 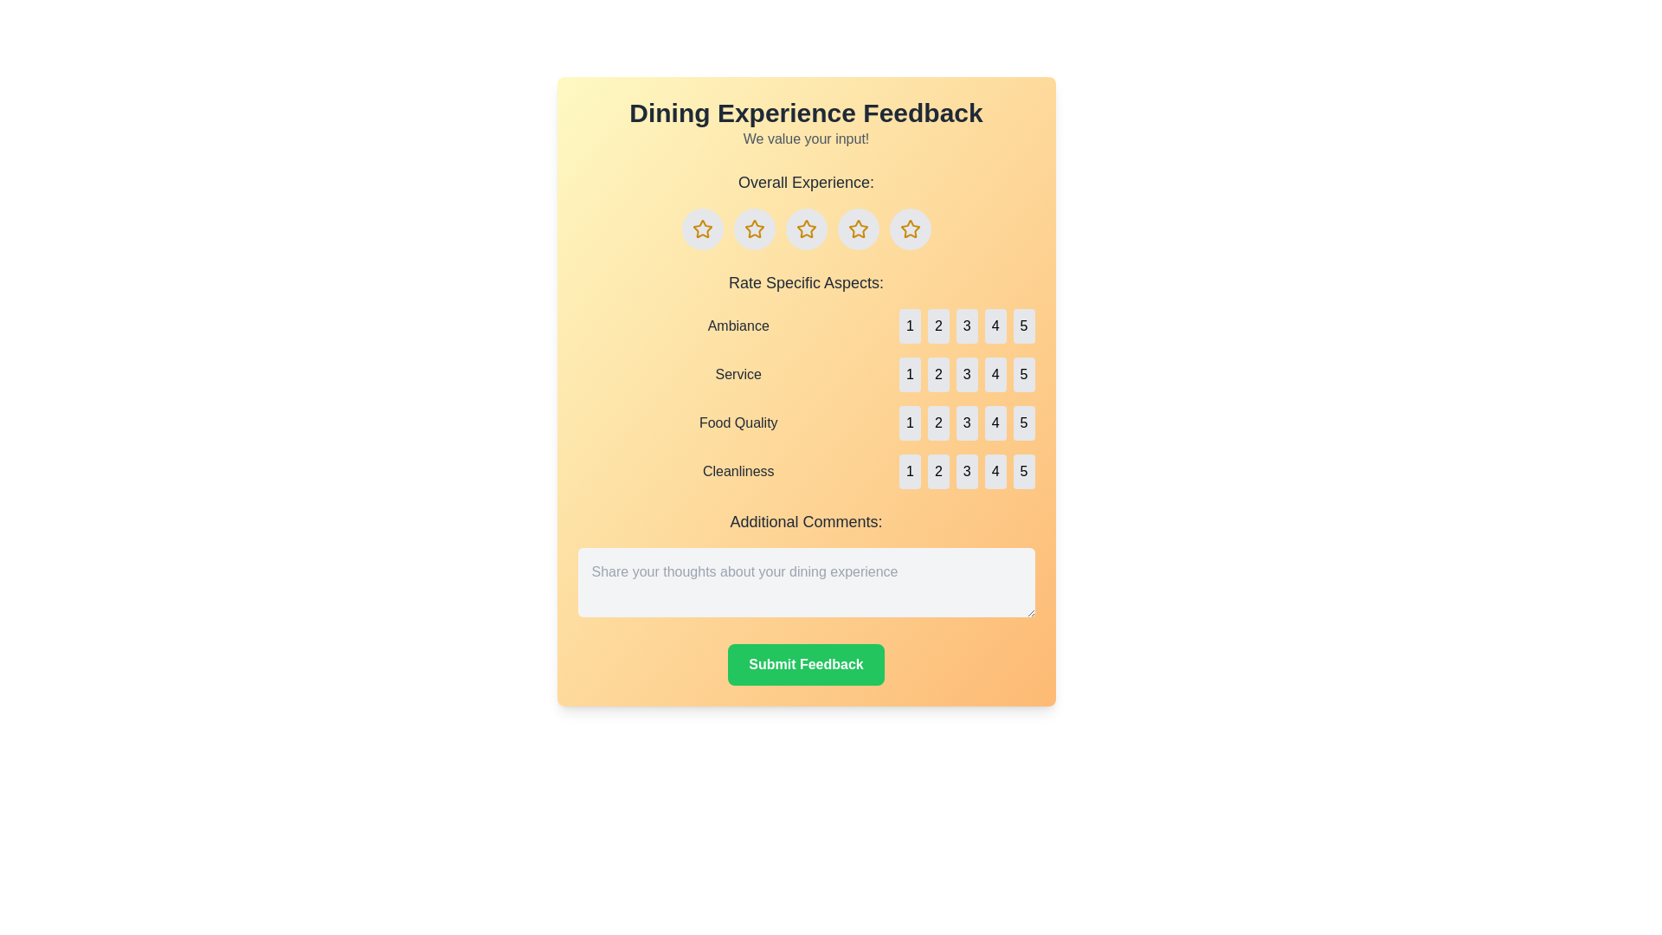 I want to click on the fifth button labeled '5' for the 'Cleanliness' rating, so click(x=1024, y=471).